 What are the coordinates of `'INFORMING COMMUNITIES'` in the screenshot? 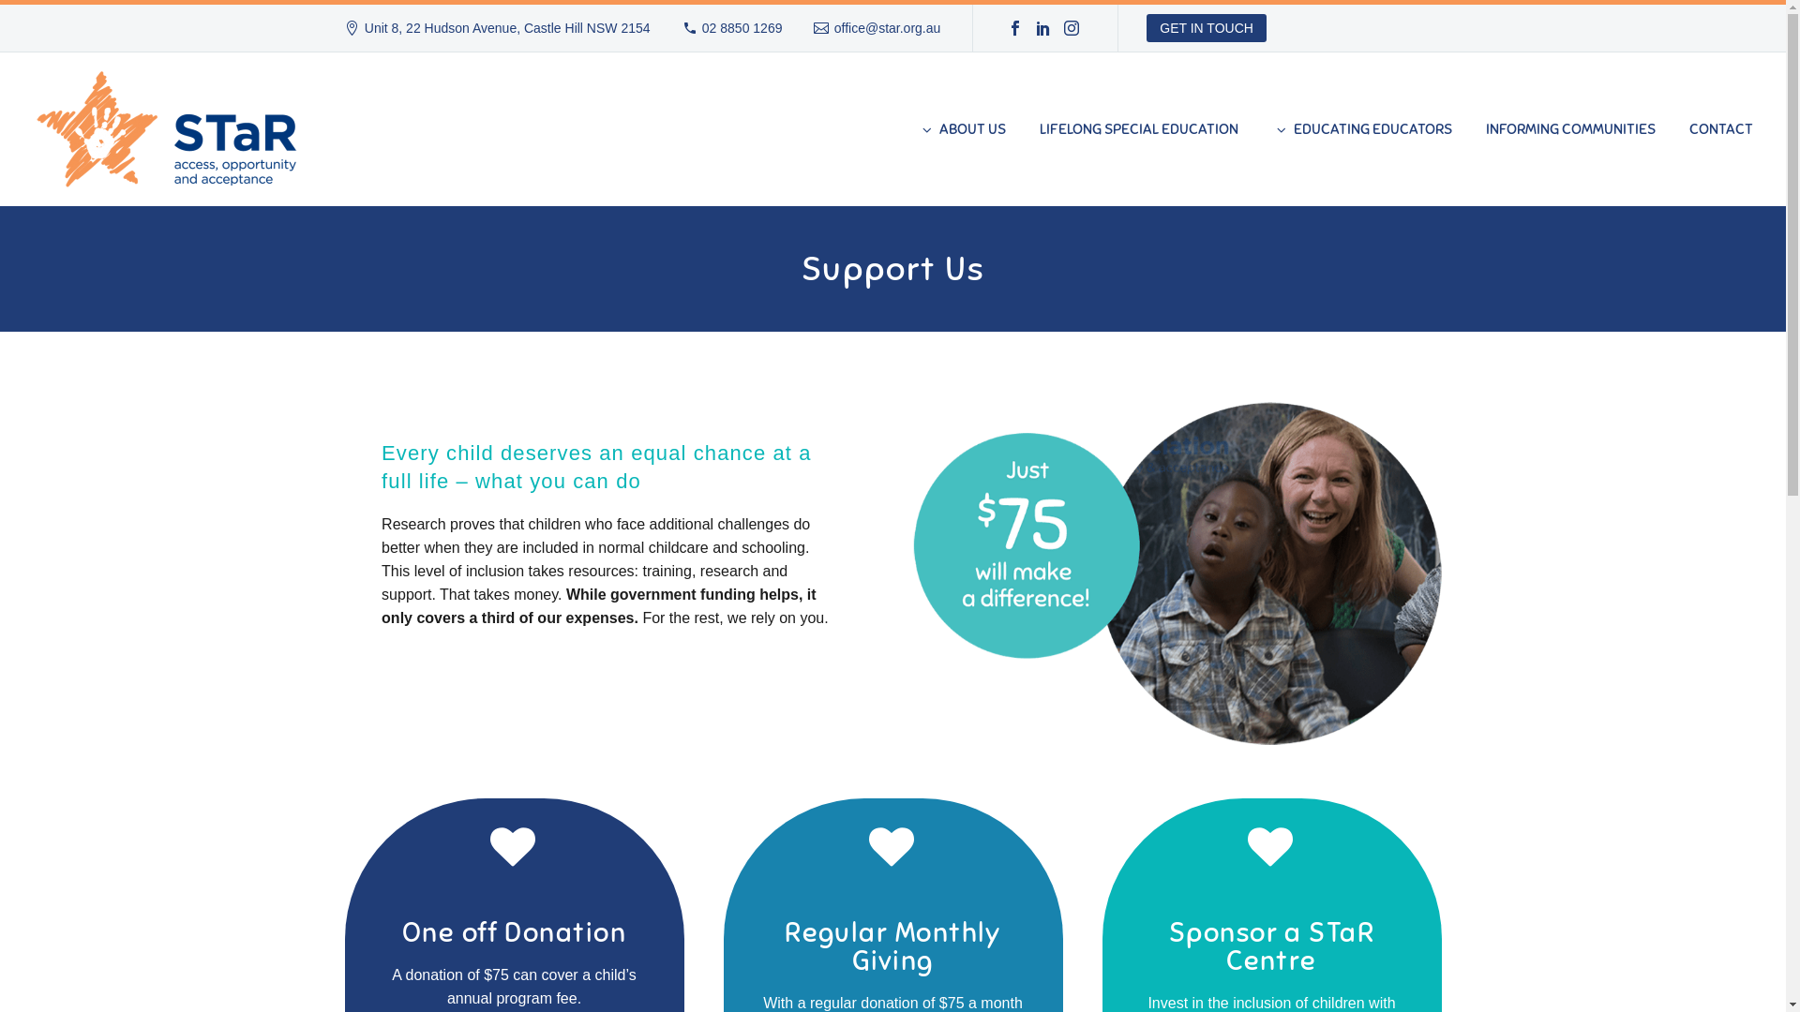 It's located at (1570, 128).